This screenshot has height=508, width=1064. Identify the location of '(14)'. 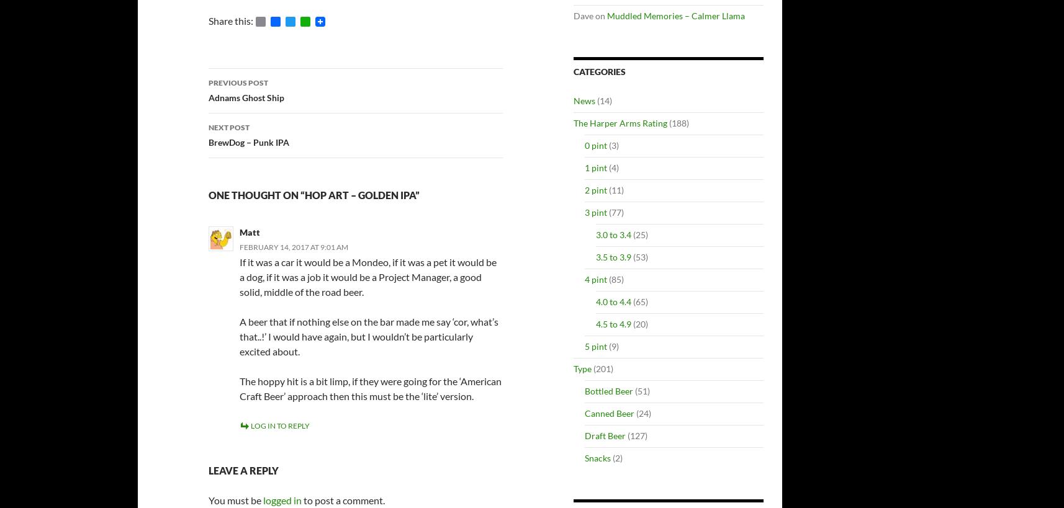
(603, 100).